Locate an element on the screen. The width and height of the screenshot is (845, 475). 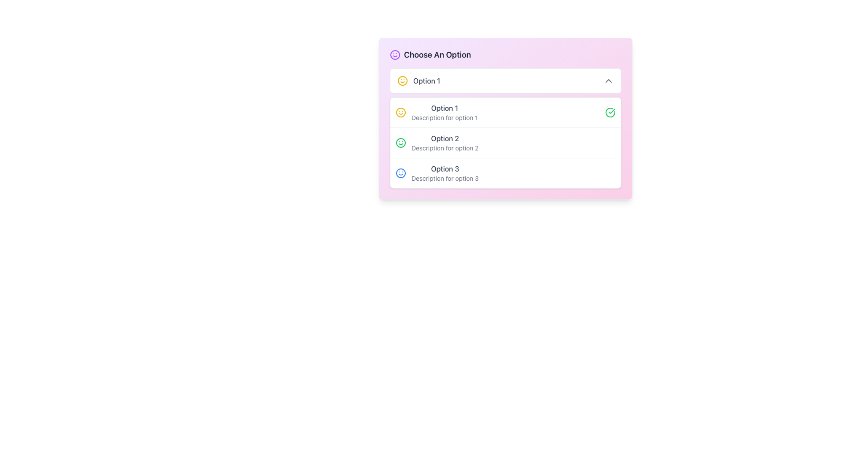
the third selectable option in the list, which is located below 'Option 2' and above any additional options is located at coordinates (445, 173).